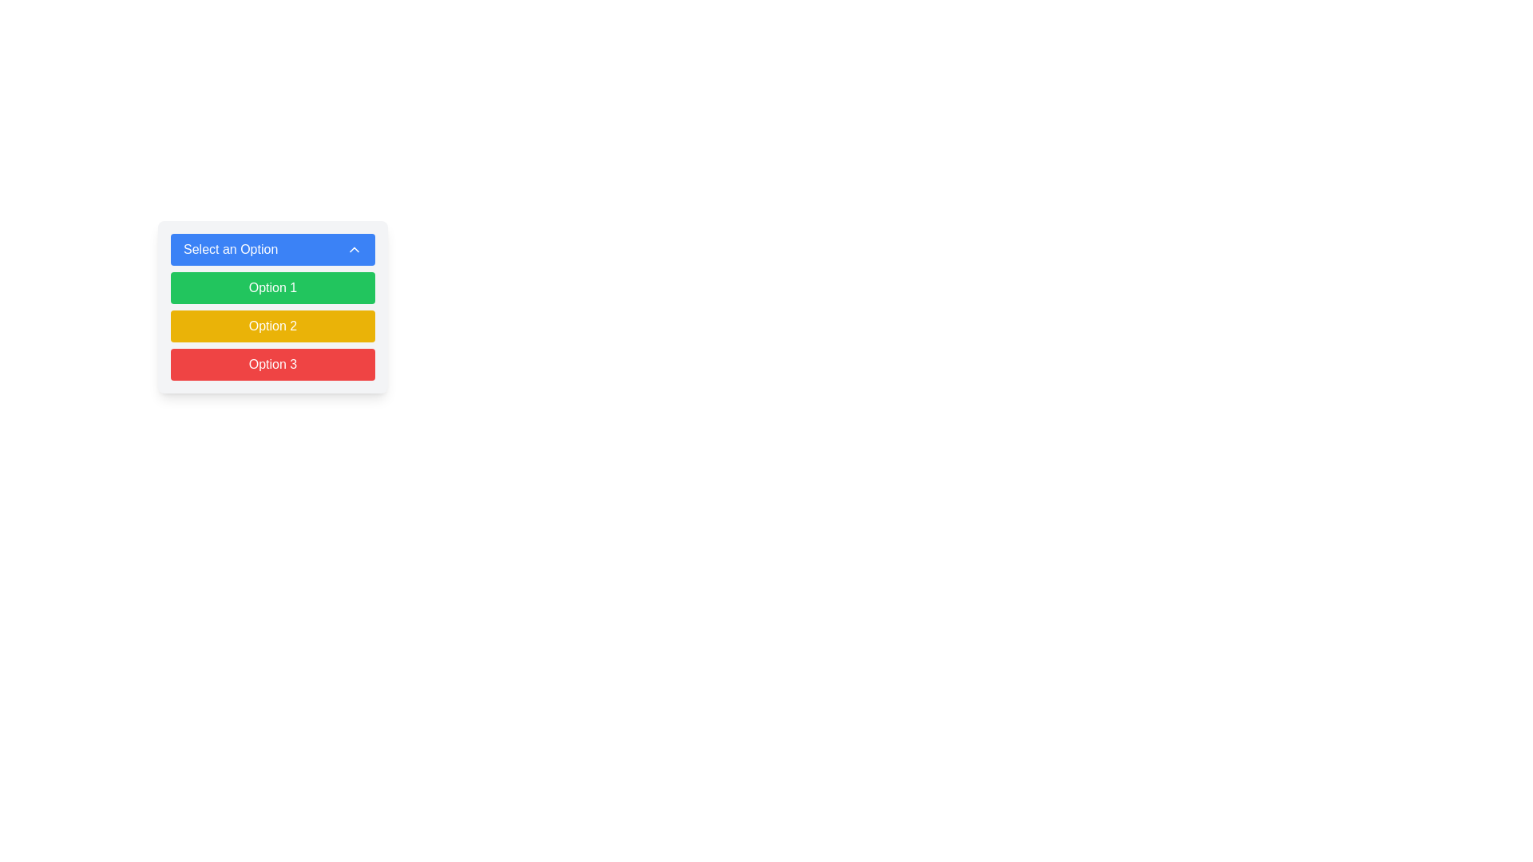 This screenshot has height=862, width=1533. What do you see at coordinates (272, 364) in the screenshot?
I see `the 'Option 3' button, which is a rectangular button with a vibrant red background and the text 'Option 3' in white` at bounding box center [272, 364].